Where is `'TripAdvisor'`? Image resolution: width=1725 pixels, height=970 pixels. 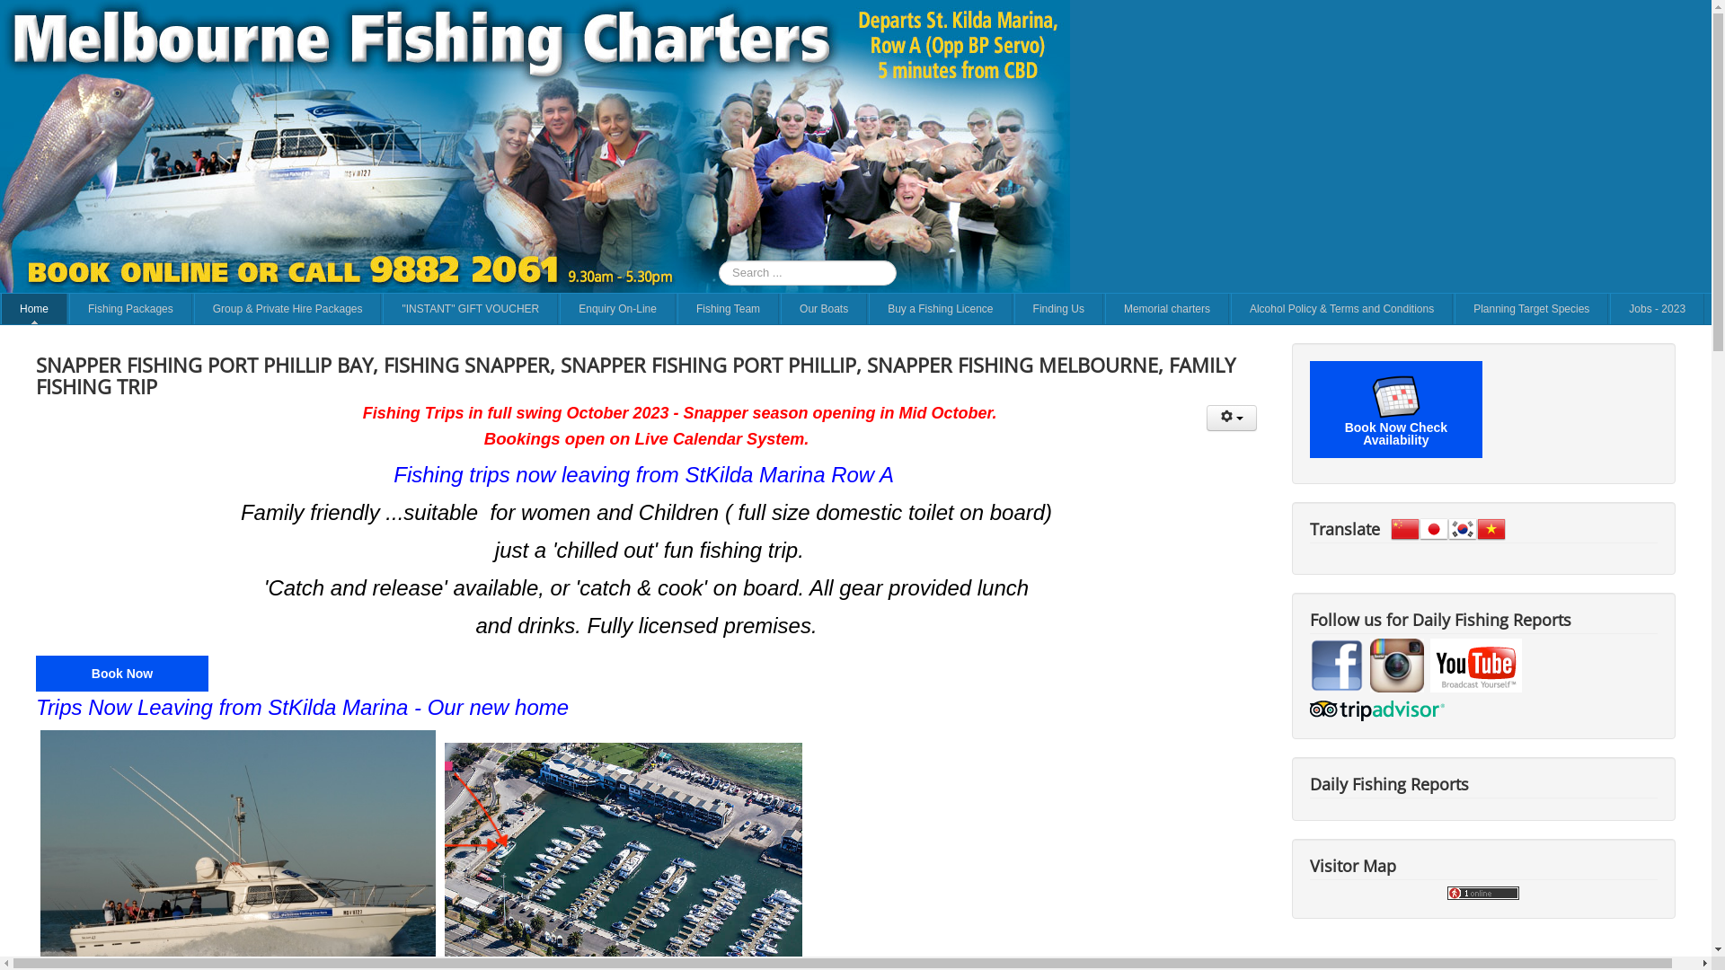 'TripAdvisor' is located at coordinates (1376, 709).